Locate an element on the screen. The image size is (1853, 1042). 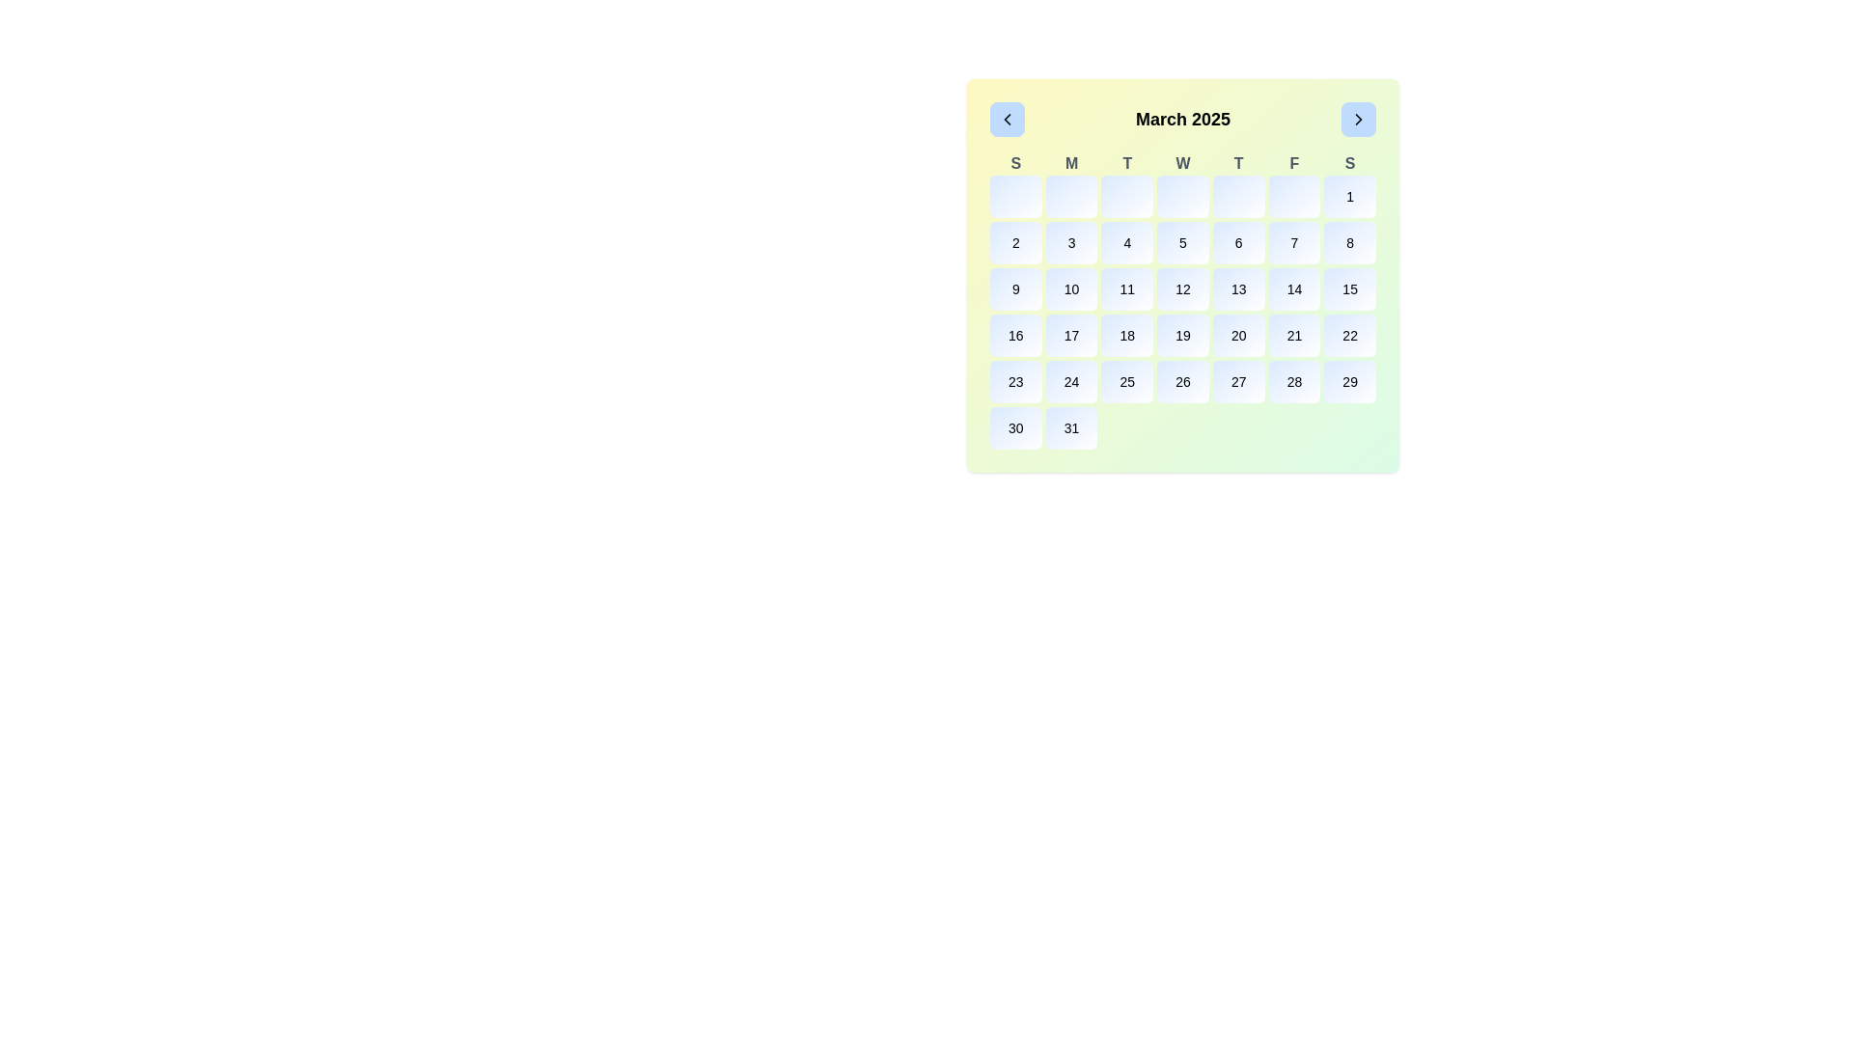
the rounded rectangular button with a gradient background containing the text '7', located in the second row, Friday column of the calendar grid is located at coordinates (1294, 241).